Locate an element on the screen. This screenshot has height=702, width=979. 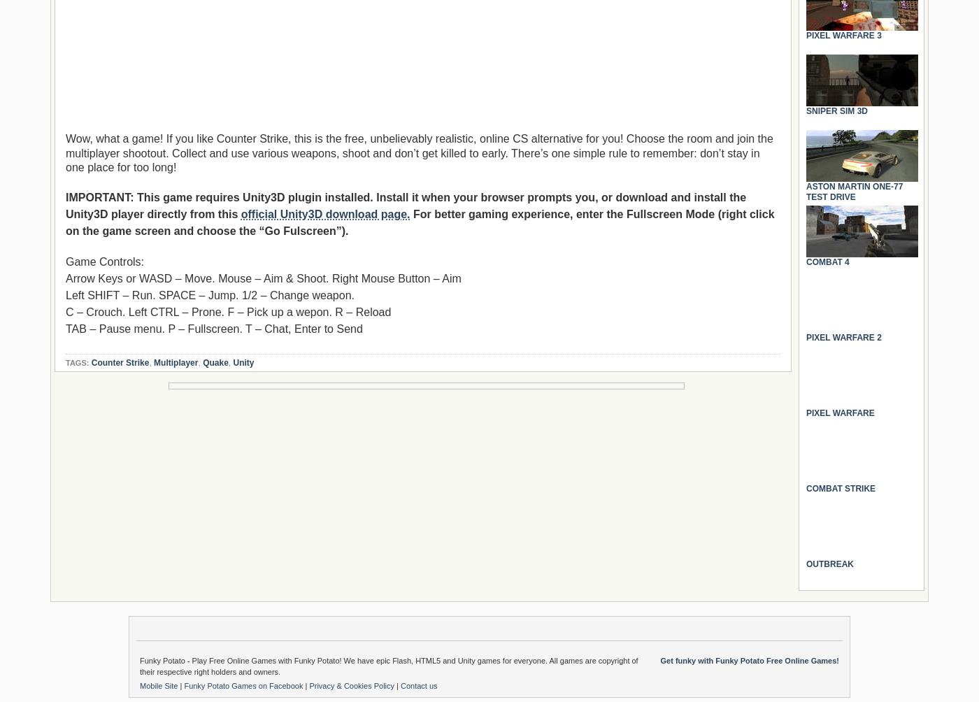
'OUTBREAK' is located at coordinates (806, 564).